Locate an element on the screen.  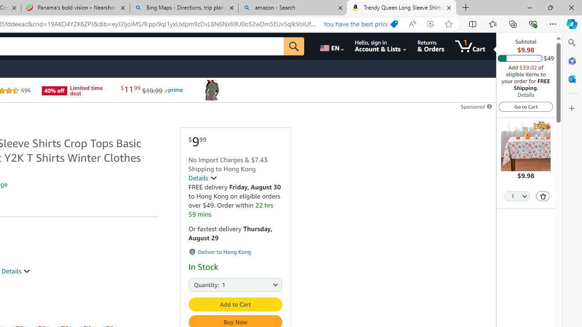
'Delete' is located at coordinates (543, 195).